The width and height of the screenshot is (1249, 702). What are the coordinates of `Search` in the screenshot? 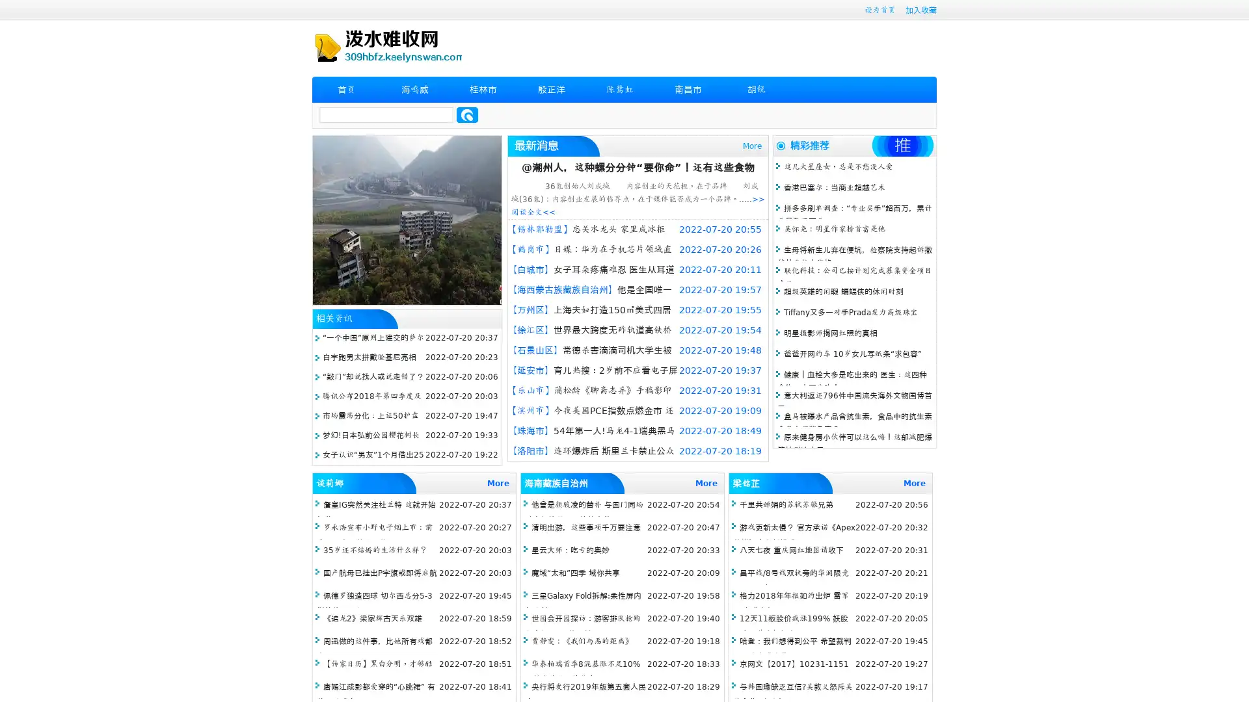 It's located at (467, 114).